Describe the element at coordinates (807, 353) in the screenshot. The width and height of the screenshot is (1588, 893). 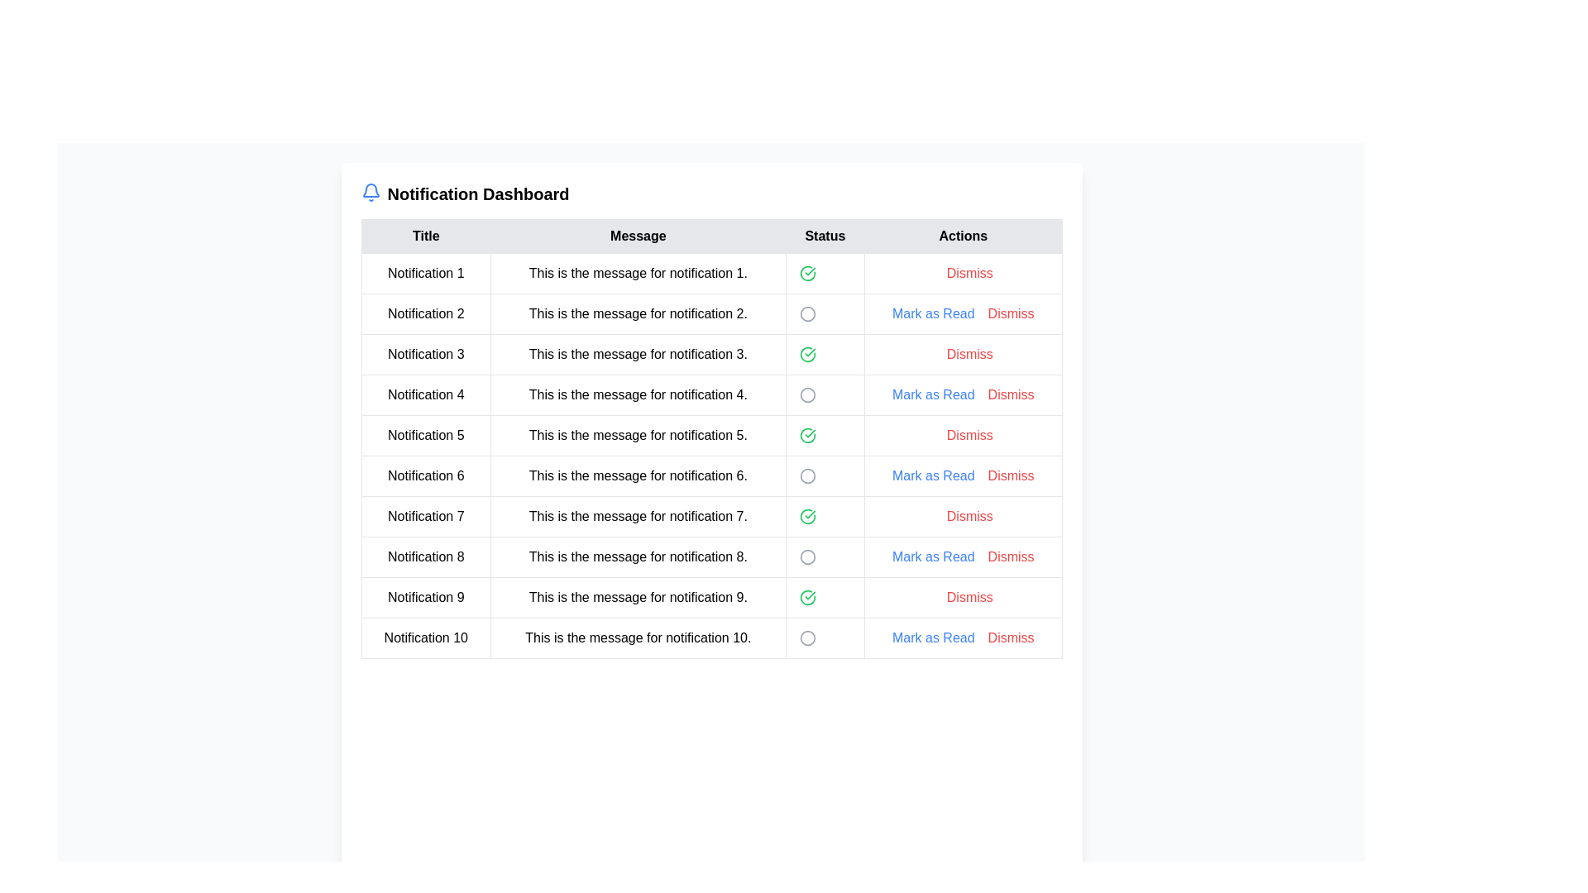
I see `the completion indicator icon located in the 'Status' column for 'Notification 3' in the table` at that location.